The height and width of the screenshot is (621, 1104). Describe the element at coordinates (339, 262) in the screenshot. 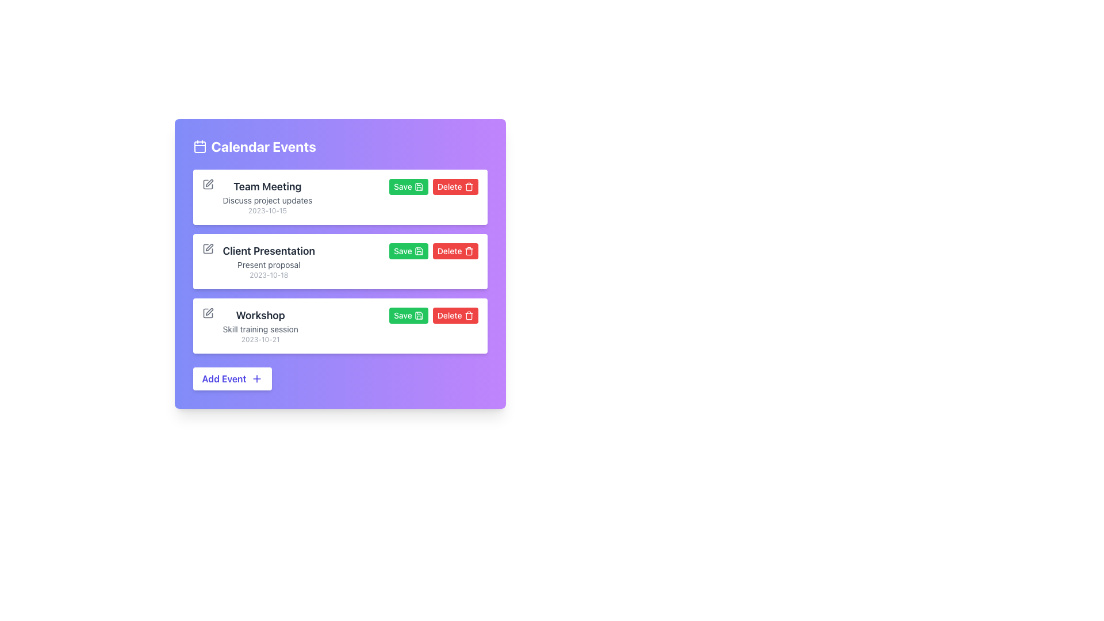

I see `the second event entry in the calendar application, which is located between 'Team Meeting' and 'Workshop'` at that location.